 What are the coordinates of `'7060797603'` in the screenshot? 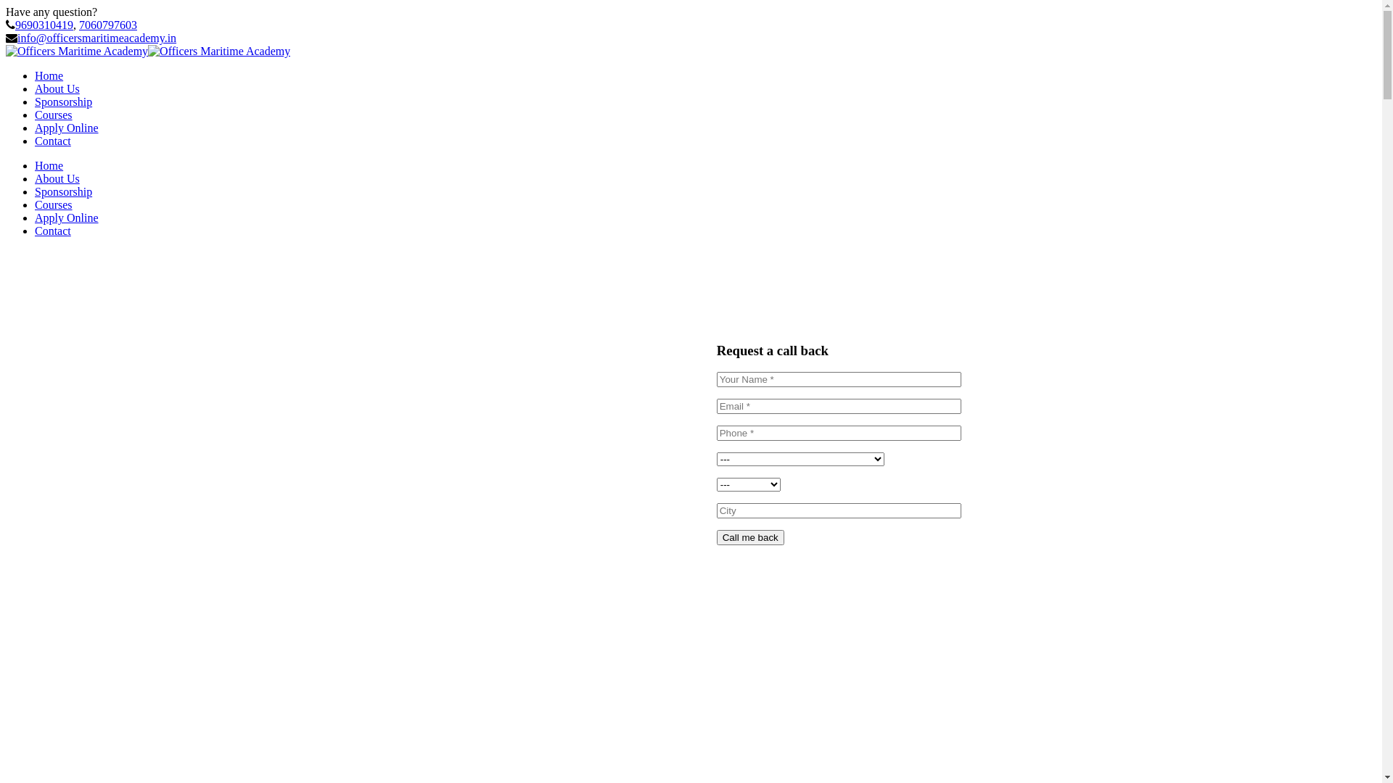 It's located at (107, 25).